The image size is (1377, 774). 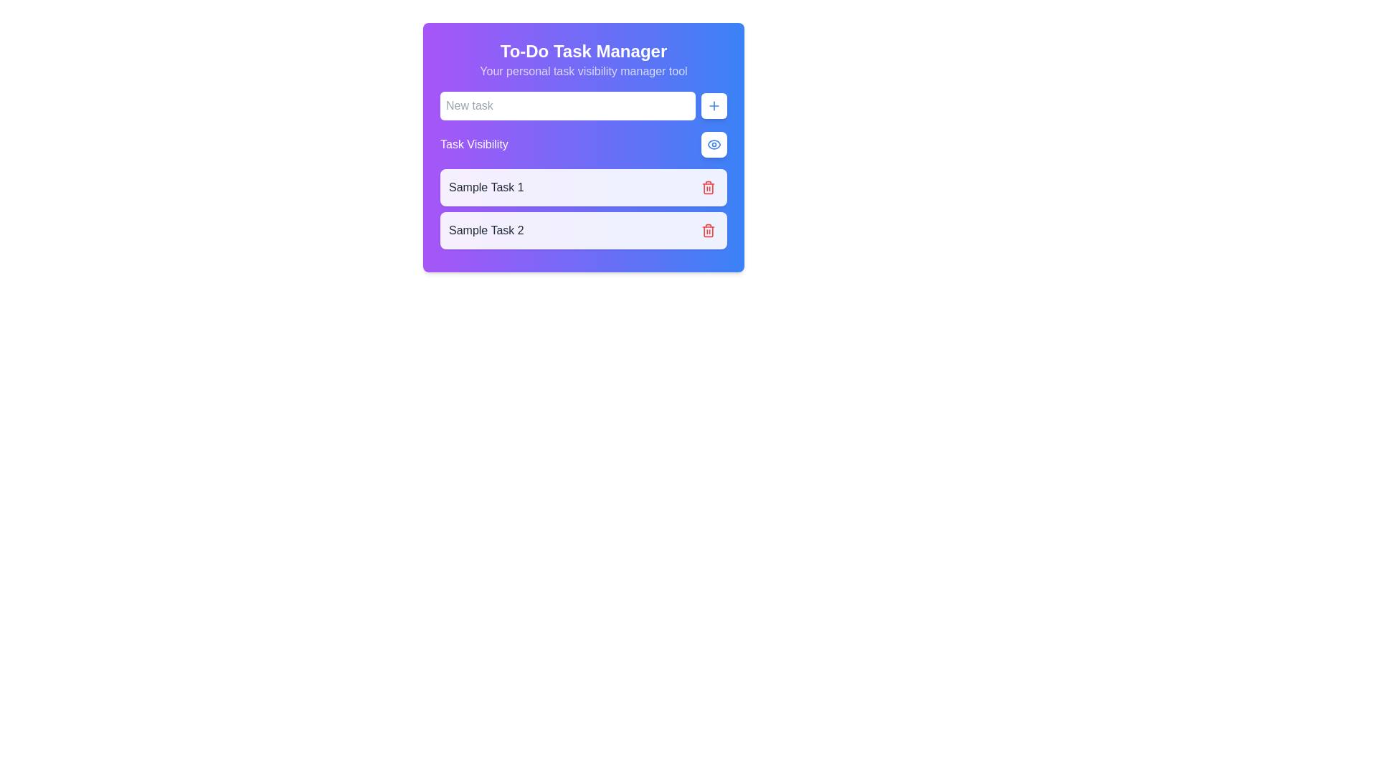 What do you see at coordinates (584, 147) in the screenshot?
I see `the task management interface located centrally` at bounding box center [584, 147].